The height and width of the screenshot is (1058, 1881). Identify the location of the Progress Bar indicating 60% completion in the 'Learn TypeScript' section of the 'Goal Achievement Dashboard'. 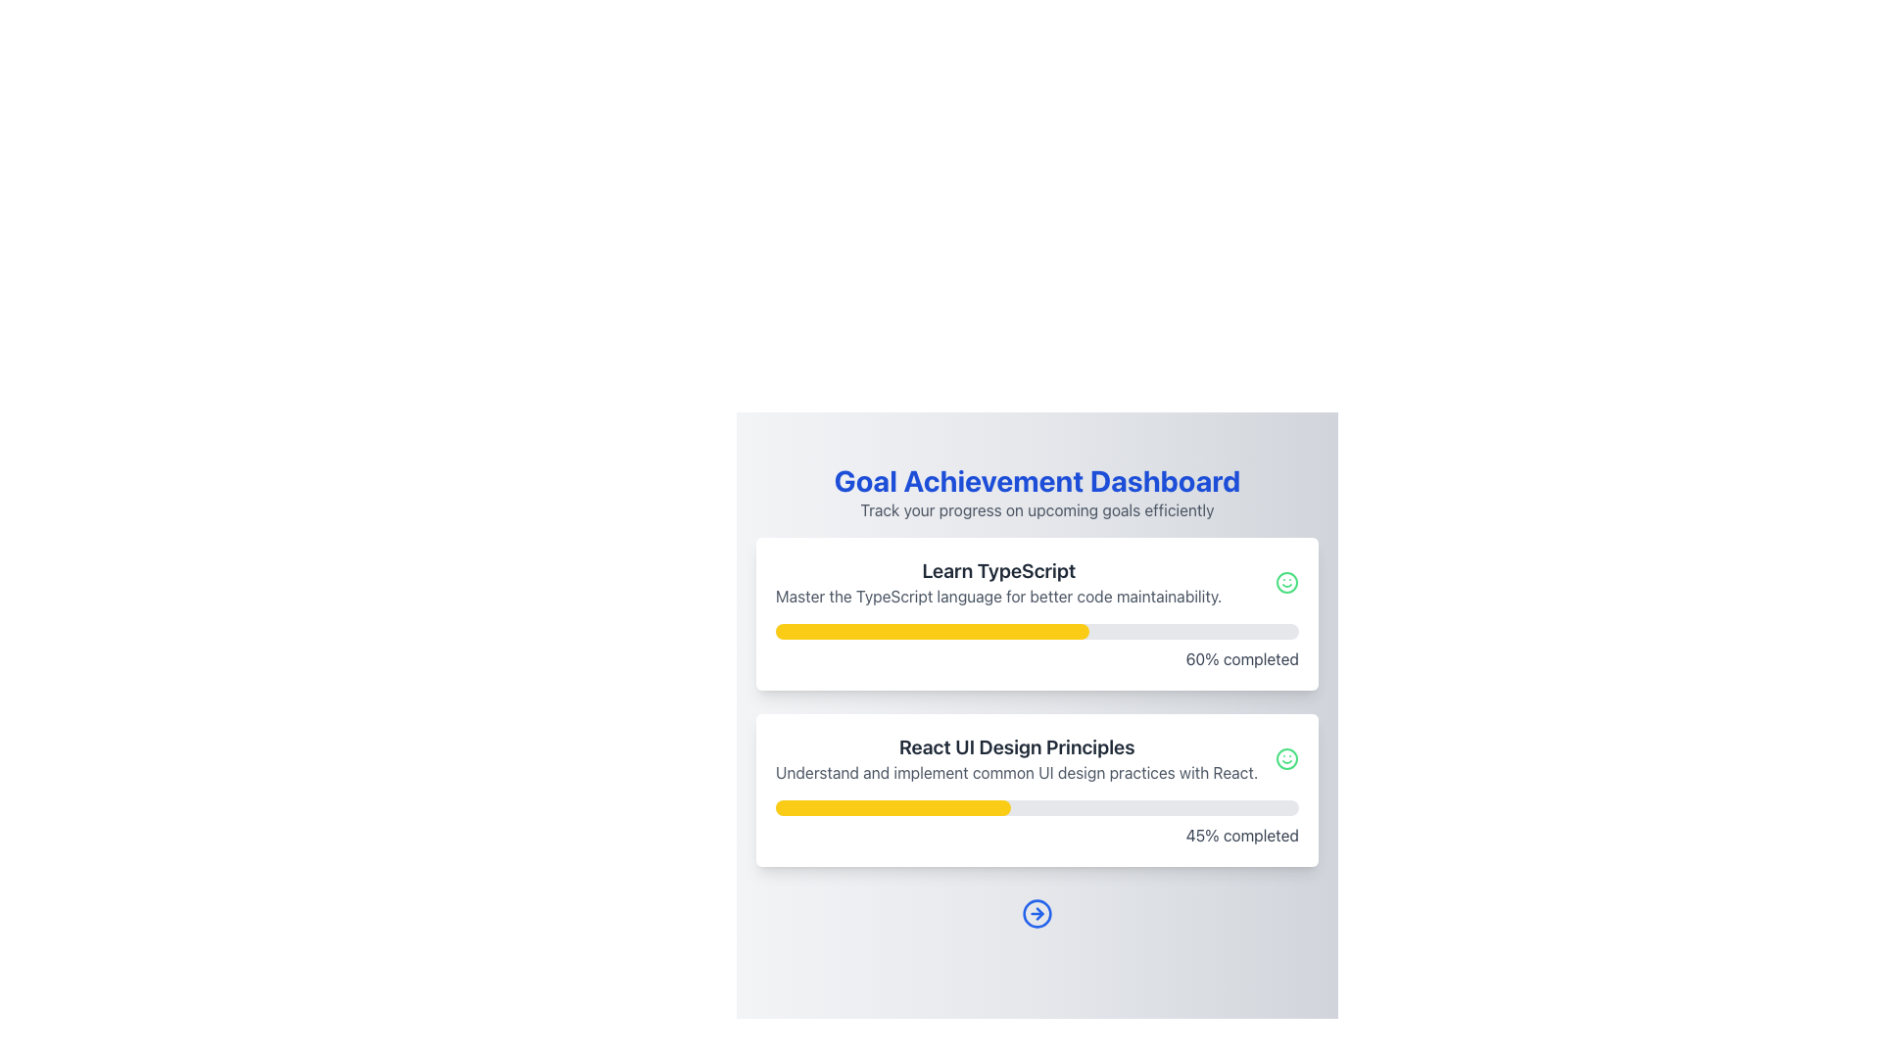
(932, 631).